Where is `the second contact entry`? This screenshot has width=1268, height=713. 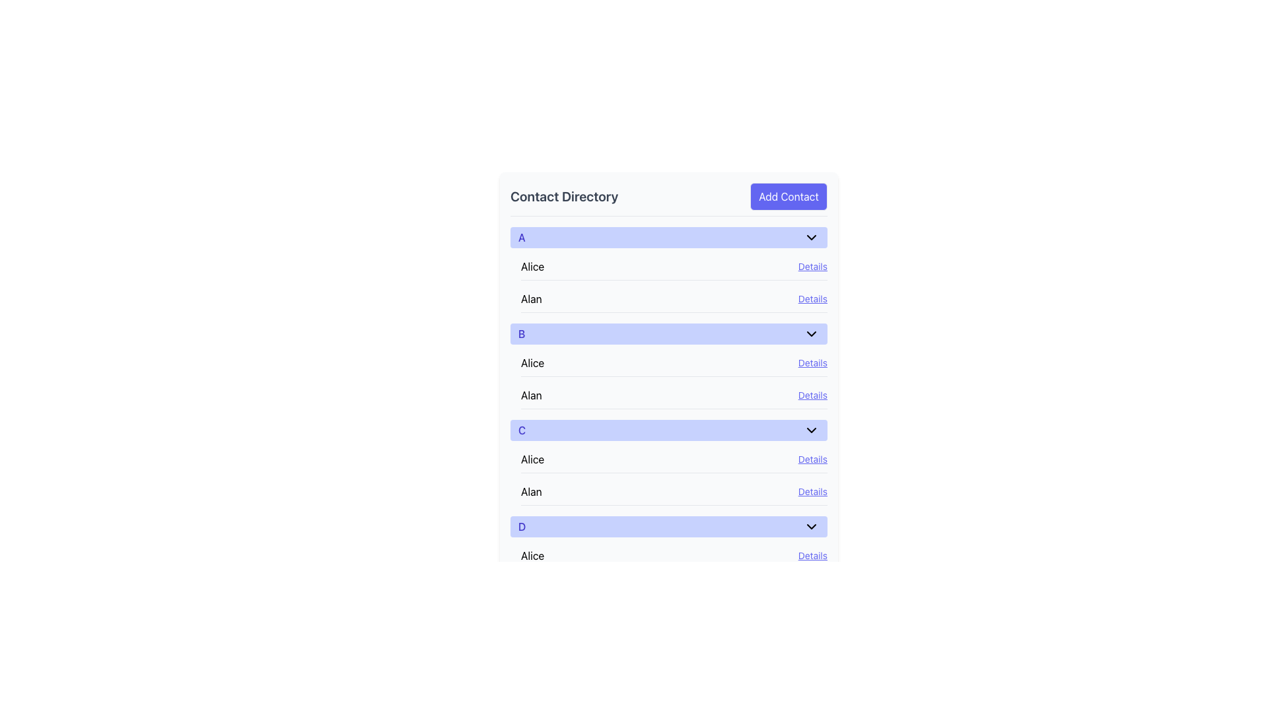 the second contact entry is located at coordinates (674, 298).